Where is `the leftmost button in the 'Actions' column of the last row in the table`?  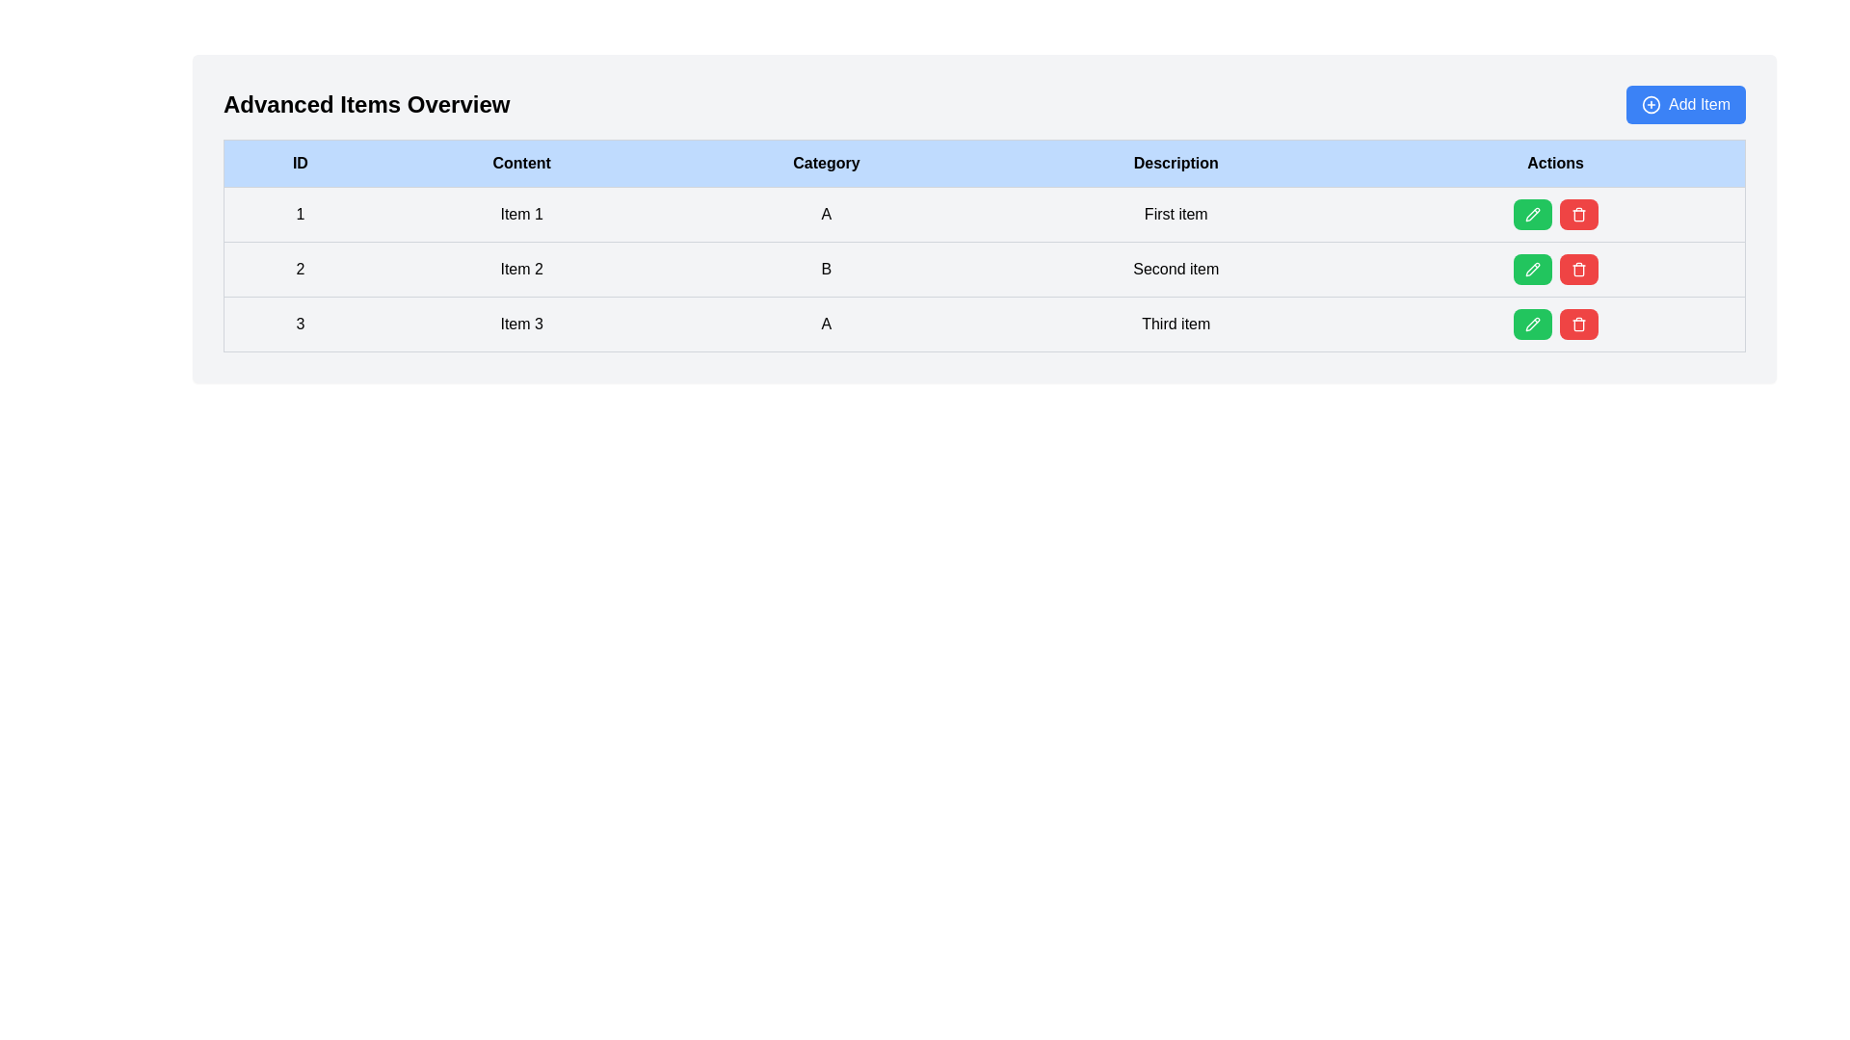
the leftmost button in the 'Actions' column of the last row in the table is located at coordinates (1531, 323).